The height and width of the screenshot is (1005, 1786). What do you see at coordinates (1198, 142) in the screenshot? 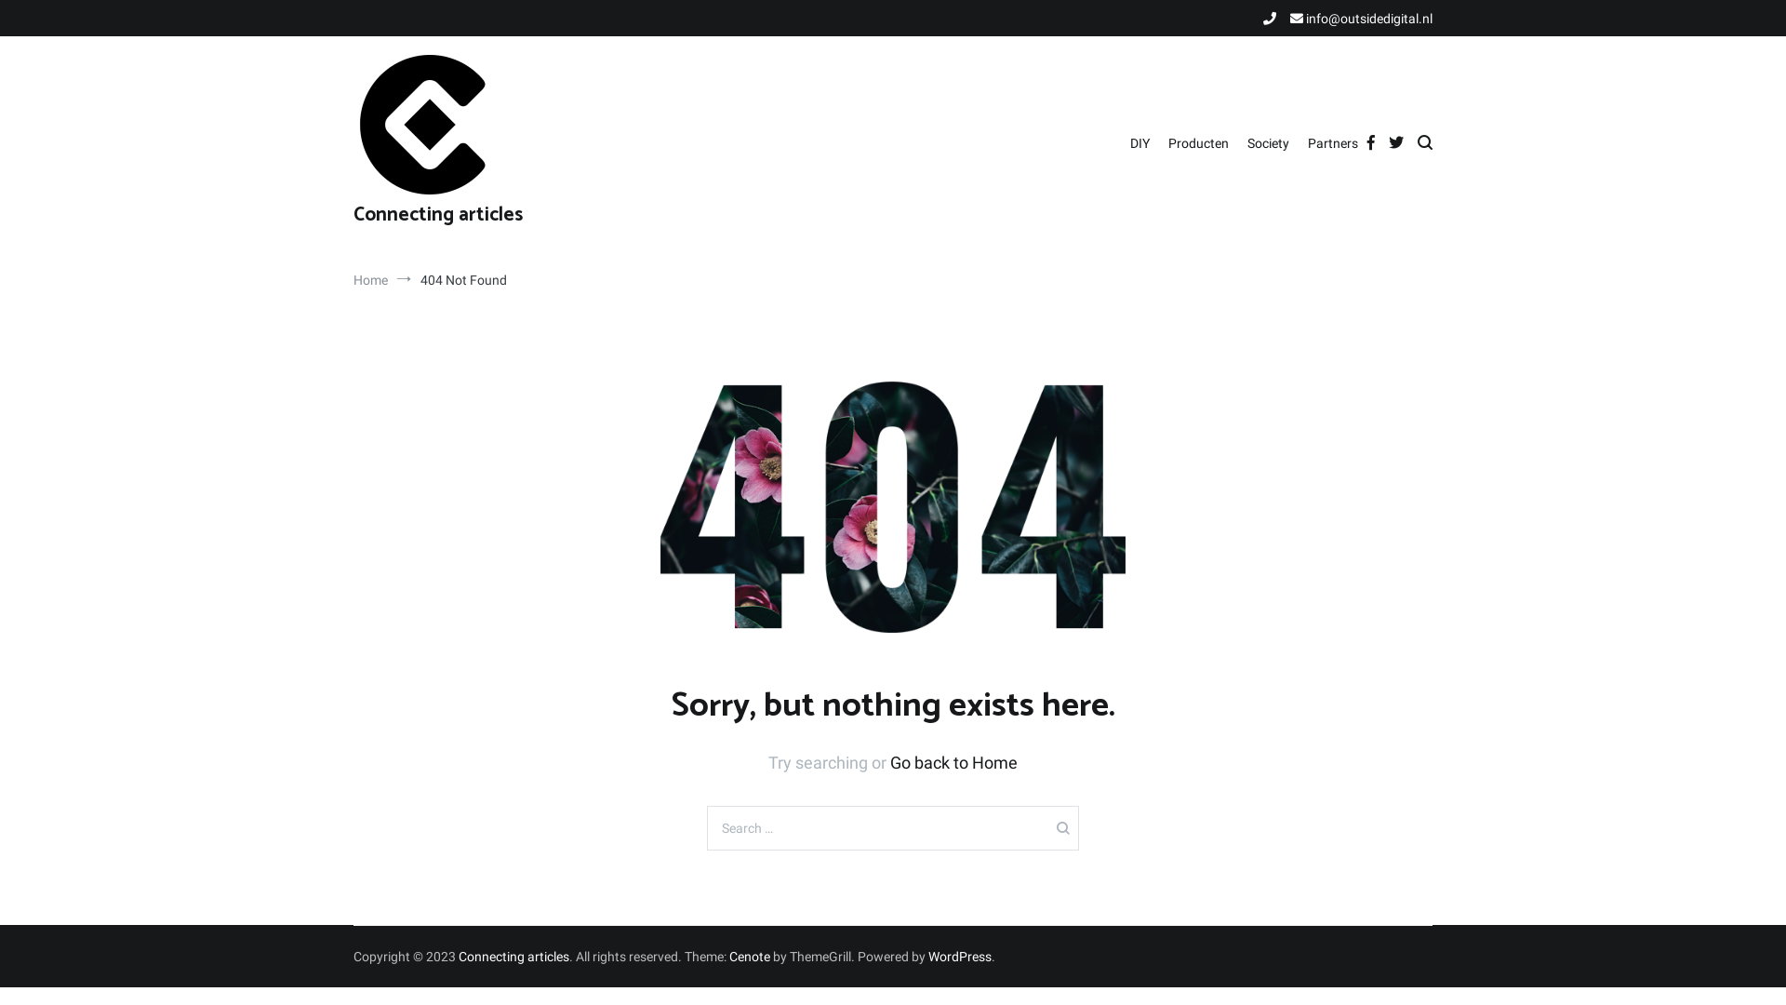
I see `'Producten'` at bounding box center [1198, 142].